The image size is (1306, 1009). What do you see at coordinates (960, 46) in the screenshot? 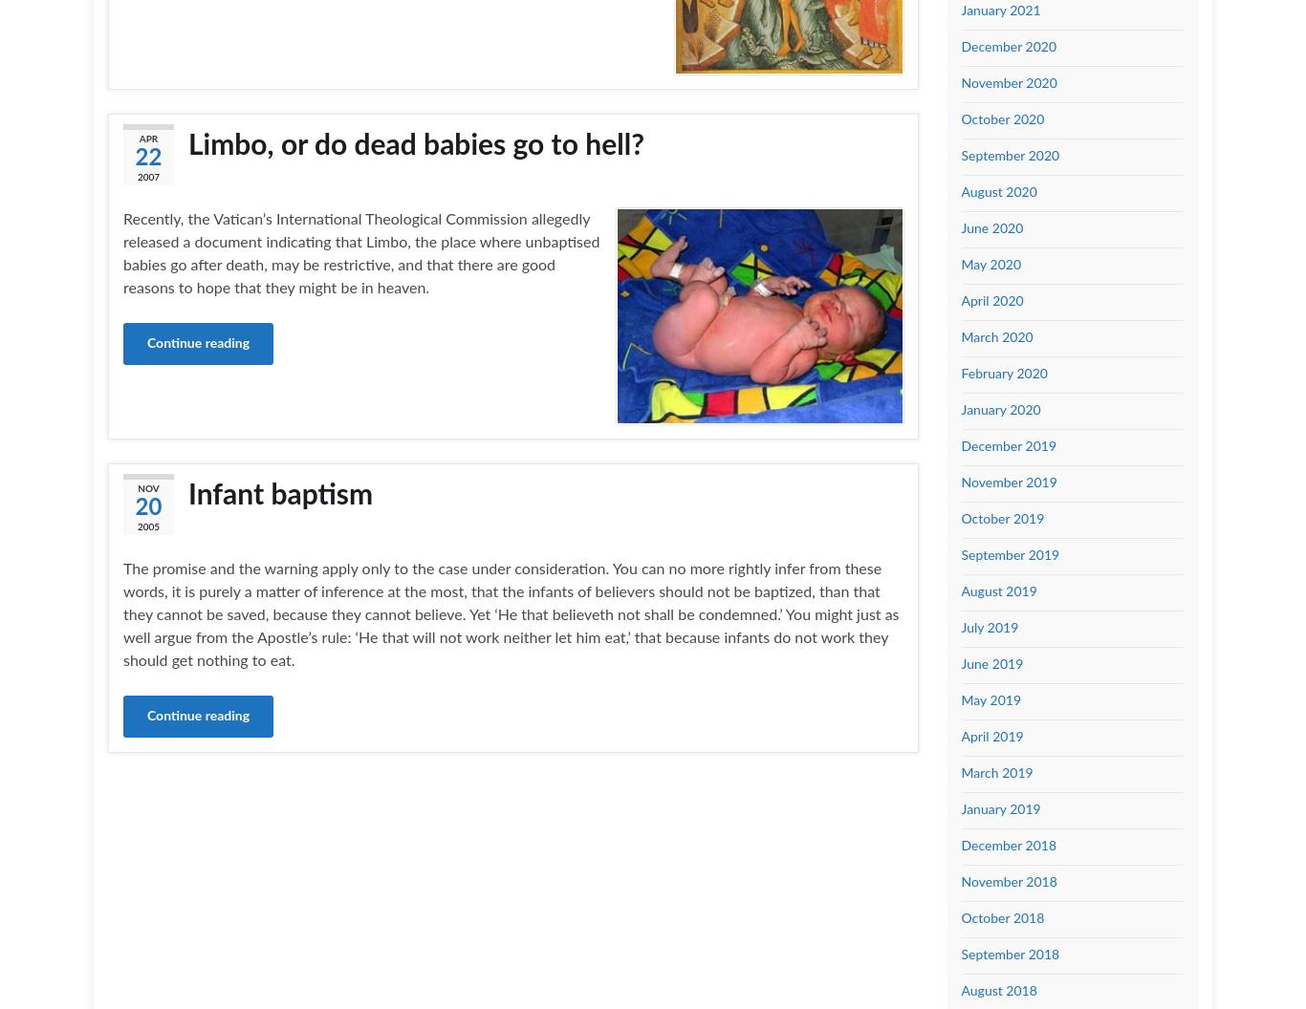
I see `'December 2020'` at bounding box center [960, 46].